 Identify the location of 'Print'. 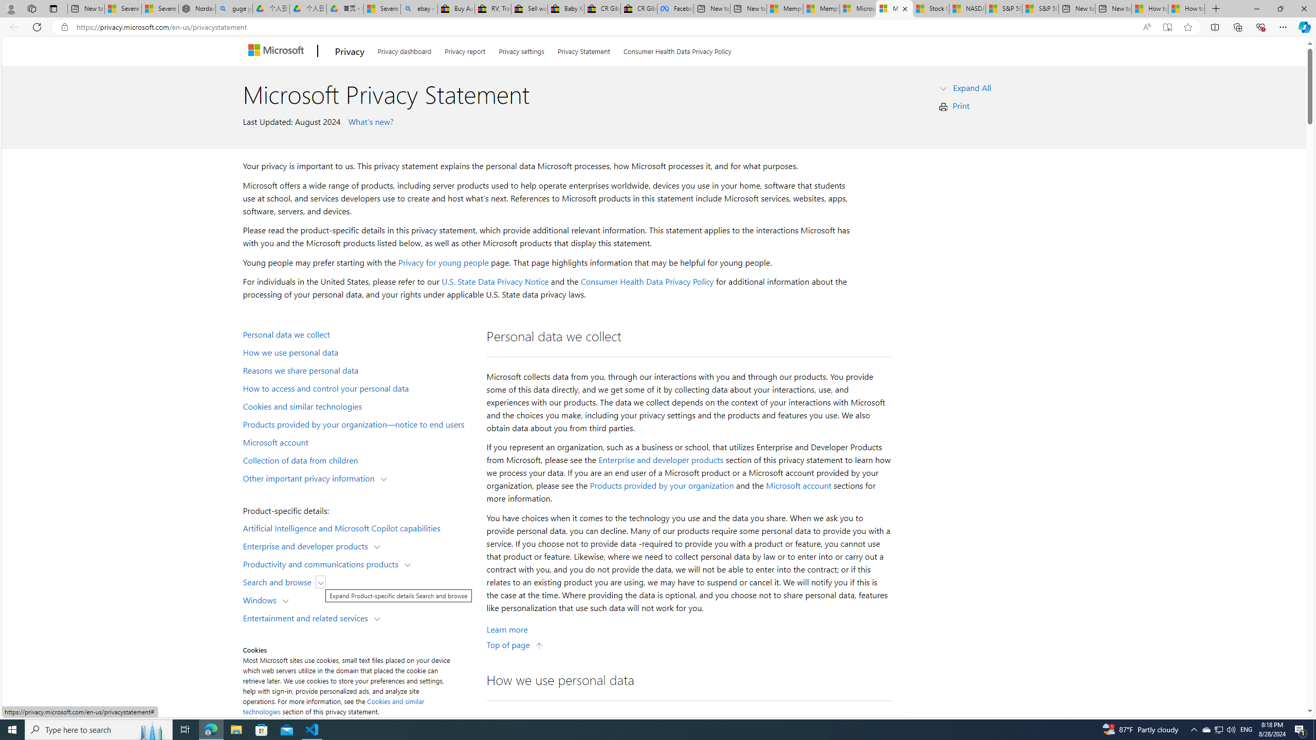
(961, 105).